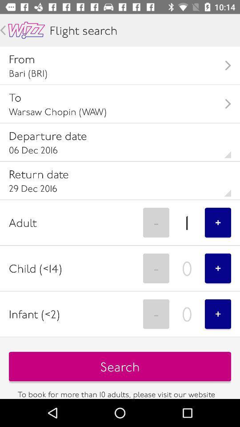 Image resolution: width=240 pixels, height=427 pixels. What do you see at coordinates (156, 314) in the screenshot?
I see `the item to the left of 0` at bounding box center [156, 314].